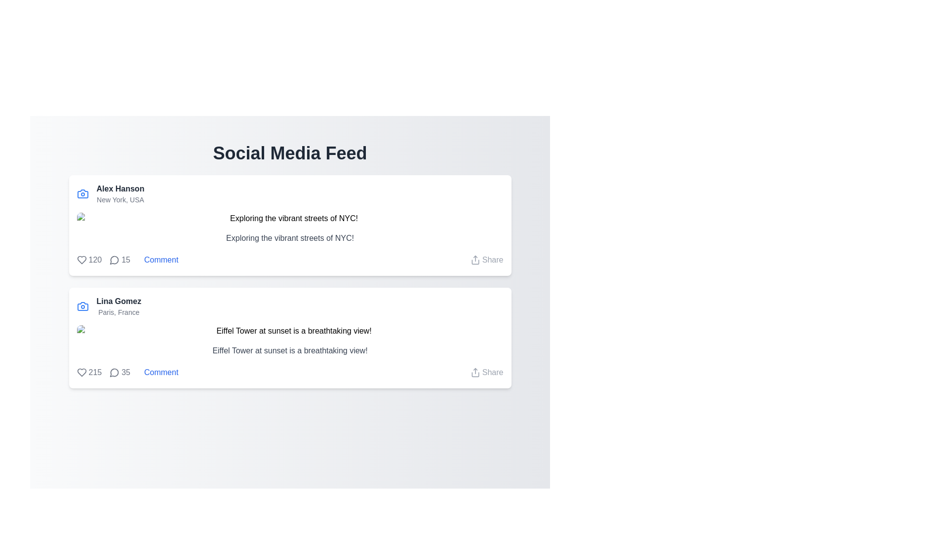  I want to click on displayed metrics of the Interactive Panel which includes the like count ('120') and comment count ('15') located beneath a user's post in the social media feed, so click(130, 260).